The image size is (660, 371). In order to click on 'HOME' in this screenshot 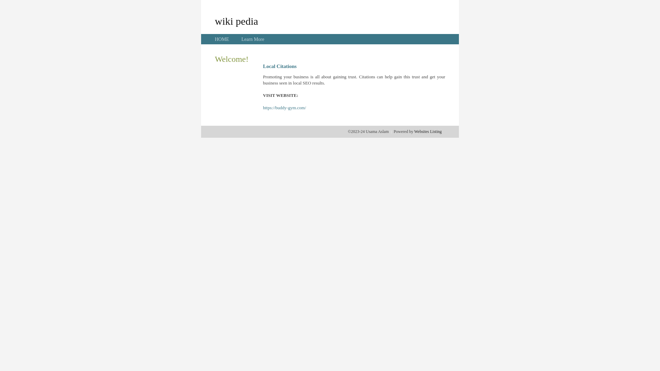, I will do `click(214, 39)`.